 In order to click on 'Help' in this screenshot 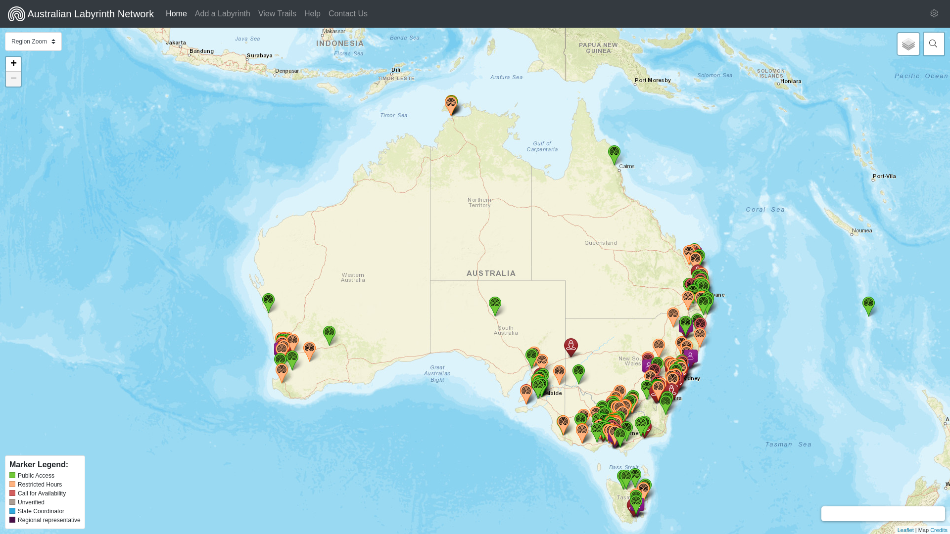, I will do `click(299, 13)`.